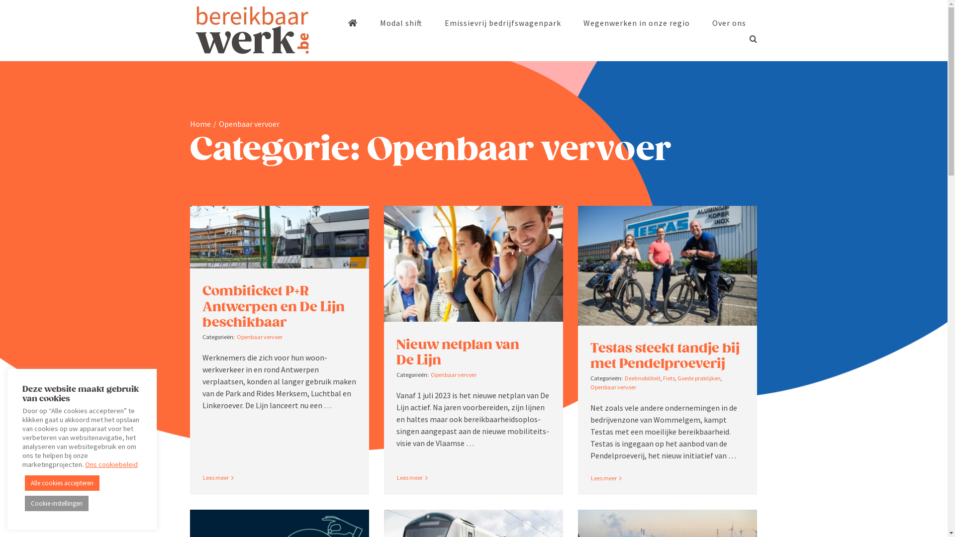  What do you see at coordinates (603, 477) in the screenshot?
I see `'Read More'` at bounding box center [603, 477].